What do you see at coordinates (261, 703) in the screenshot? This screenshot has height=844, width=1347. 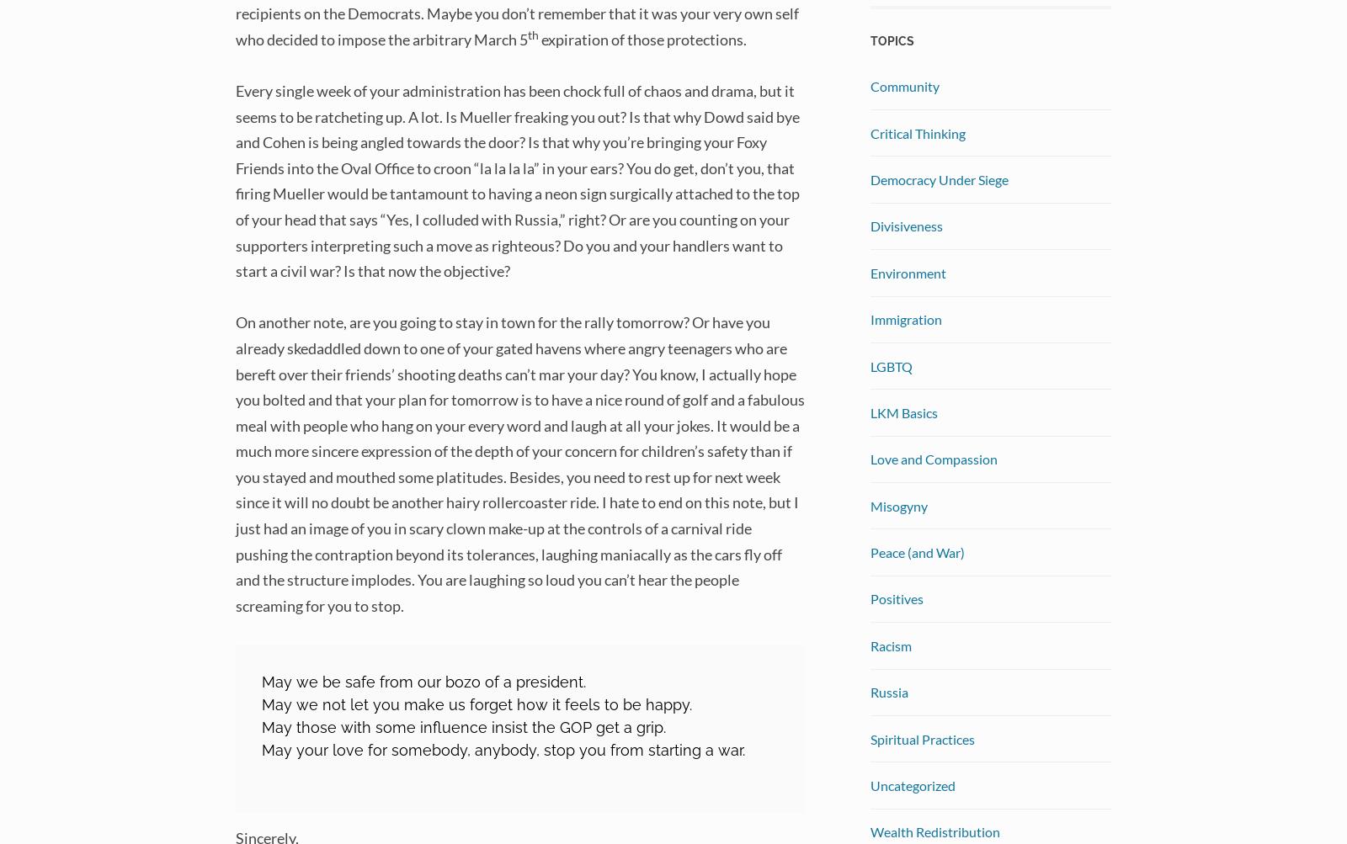 I see `'May we not let you make us forget how it feels to be happy.'` at bounding box center [261, 703].